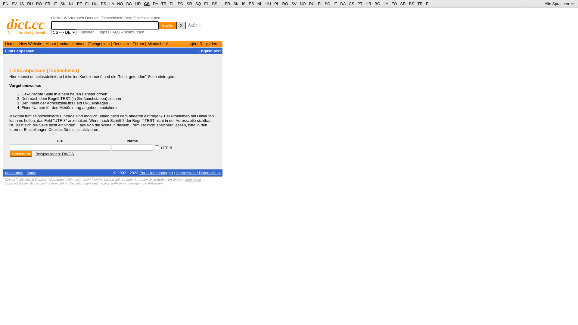 Image resolution: width=578 pixels, height=325 pixels. I want to click on 'RO', so click(285, 4).